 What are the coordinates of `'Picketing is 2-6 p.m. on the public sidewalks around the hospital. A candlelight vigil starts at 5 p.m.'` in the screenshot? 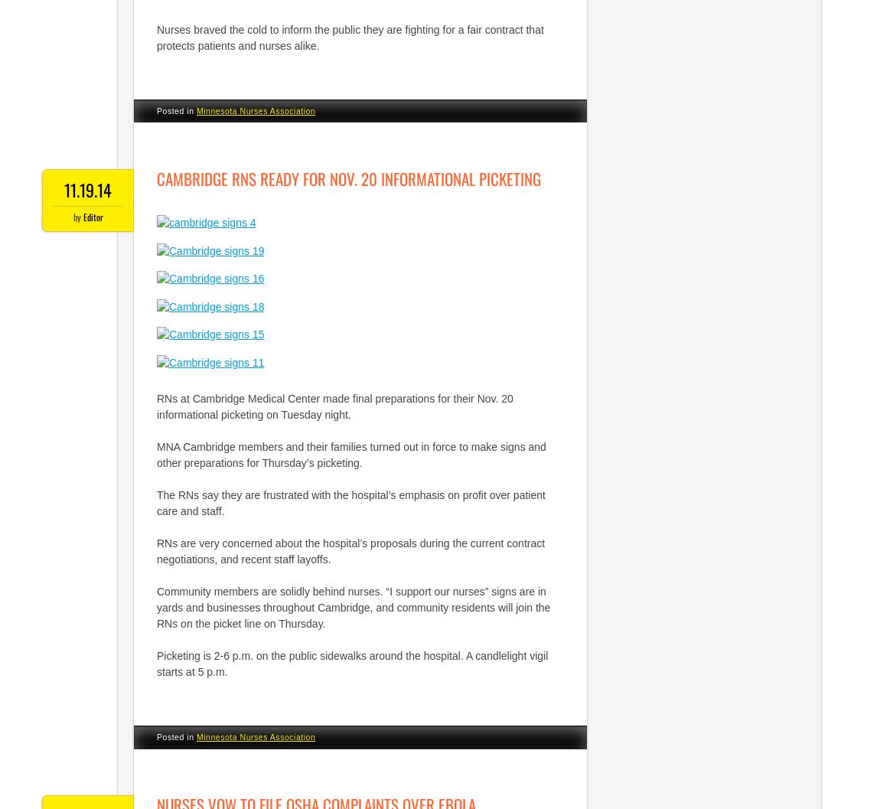 It's located at (352, 662).